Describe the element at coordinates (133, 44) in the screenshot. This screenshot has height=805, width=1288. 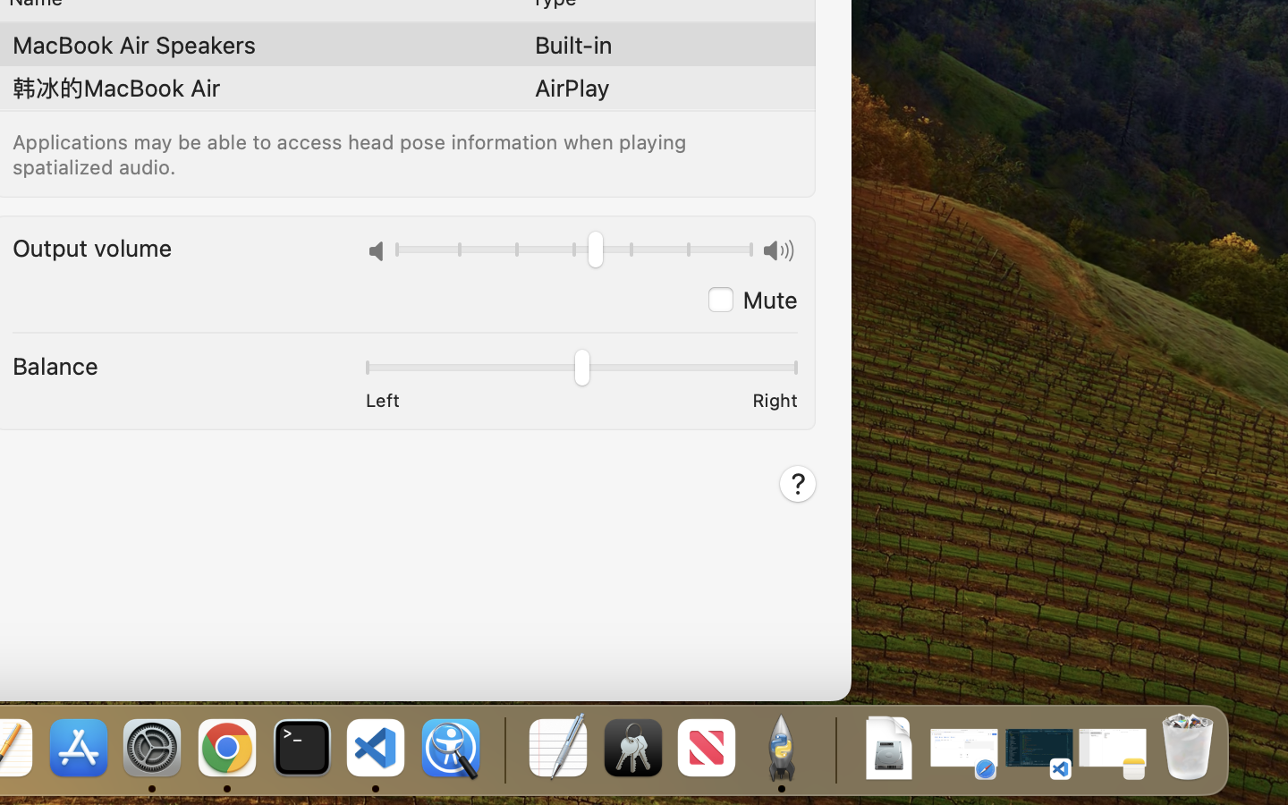
I see `'MacBook Air Speakers'` at that location.